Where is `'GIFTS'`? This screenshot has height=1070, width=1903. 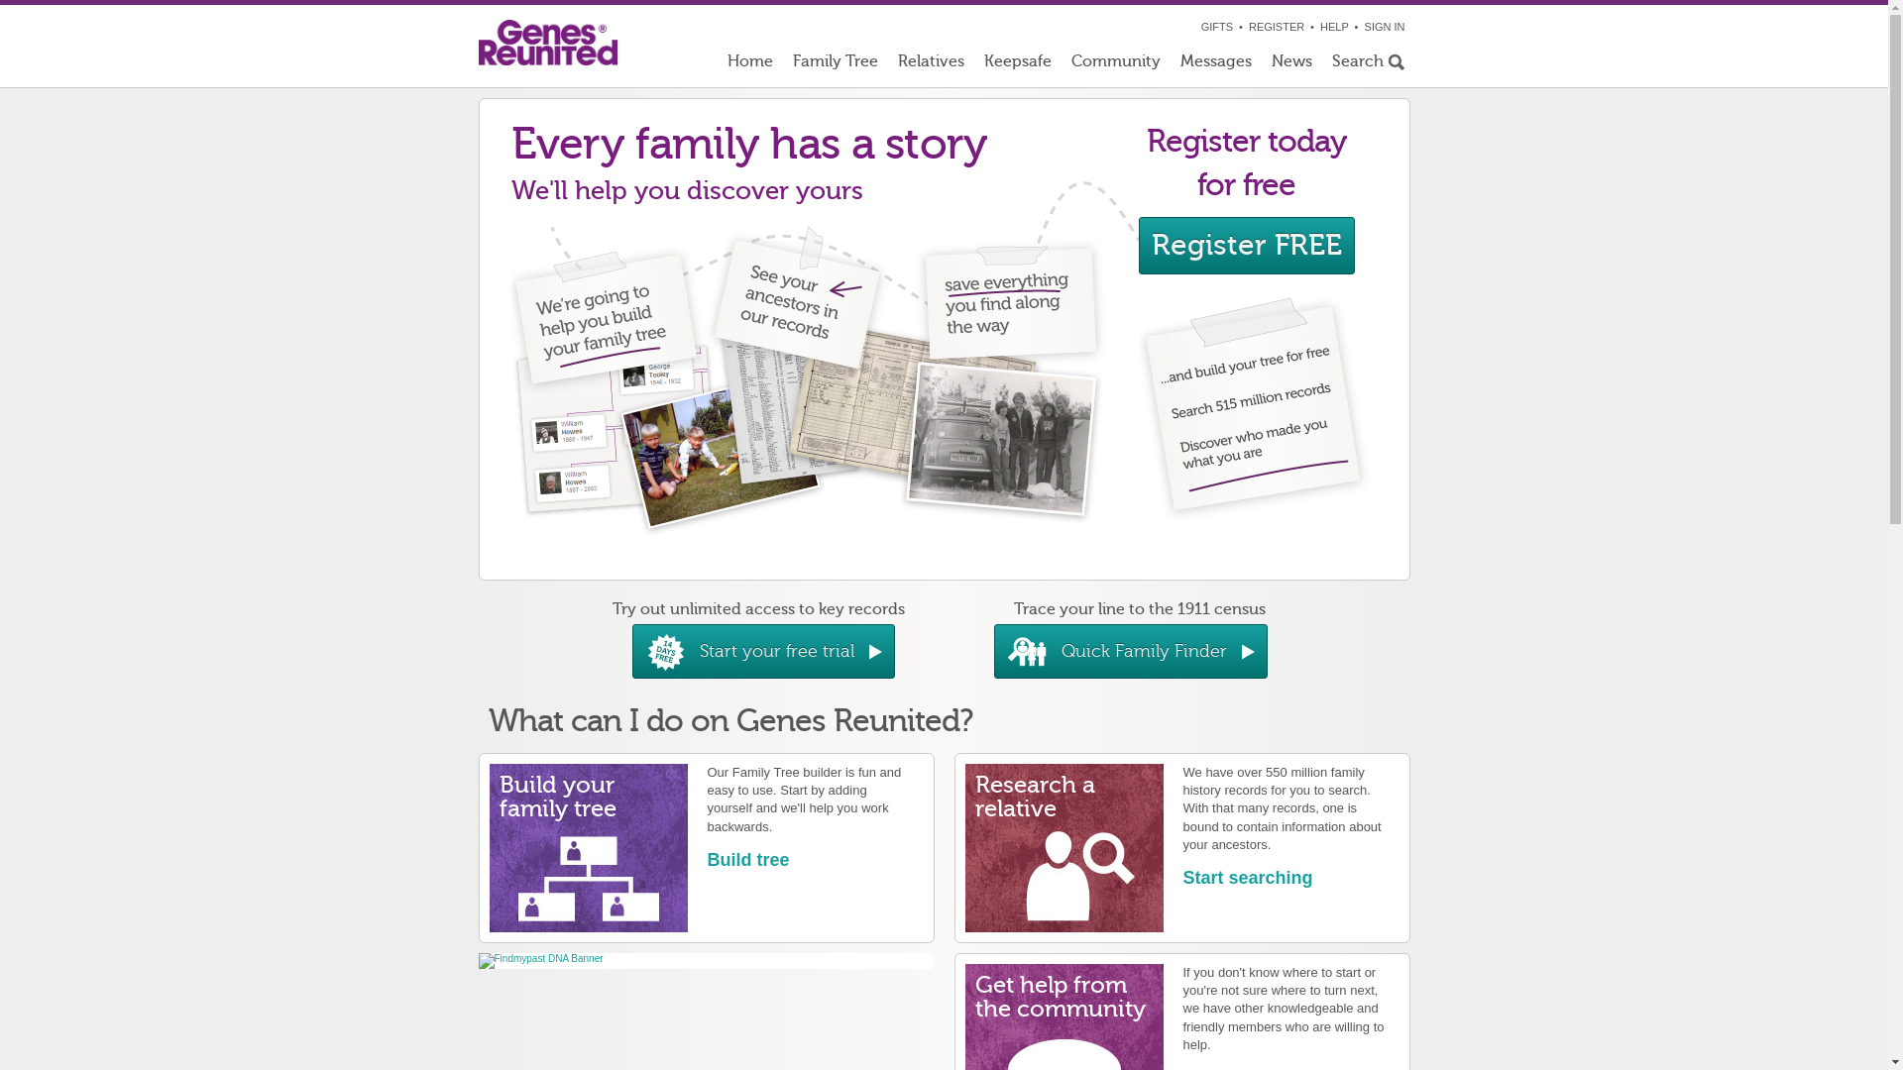
'GIFTS' is located at coordinates (1216, 27).